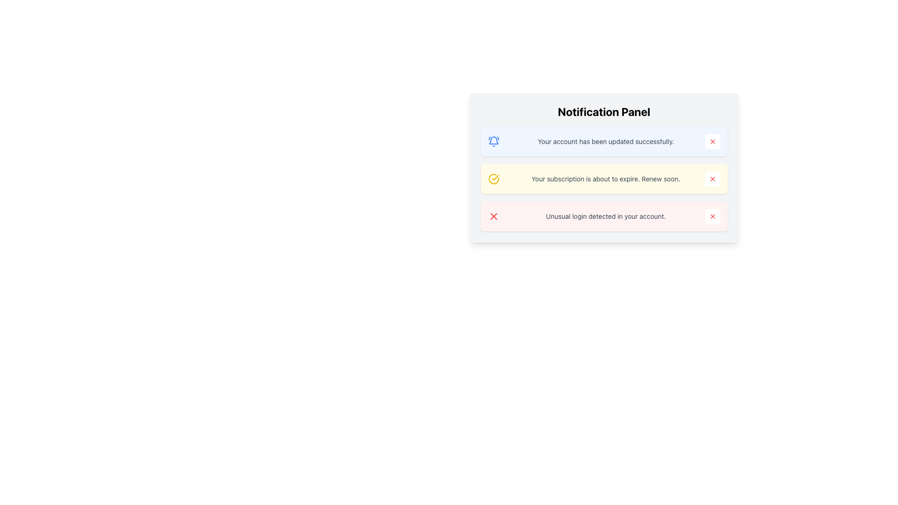 The width and height of the screenshot is (898, 505). What do you see at coordinates (493, 179) in the screenshot?
I see `the circular yellow icon with a checkmark that indicates visual confirmation, located to the left of the message 'Your subscription is about to expire. Renew soon.' in the second notification message` at bounding box center [493, 179].